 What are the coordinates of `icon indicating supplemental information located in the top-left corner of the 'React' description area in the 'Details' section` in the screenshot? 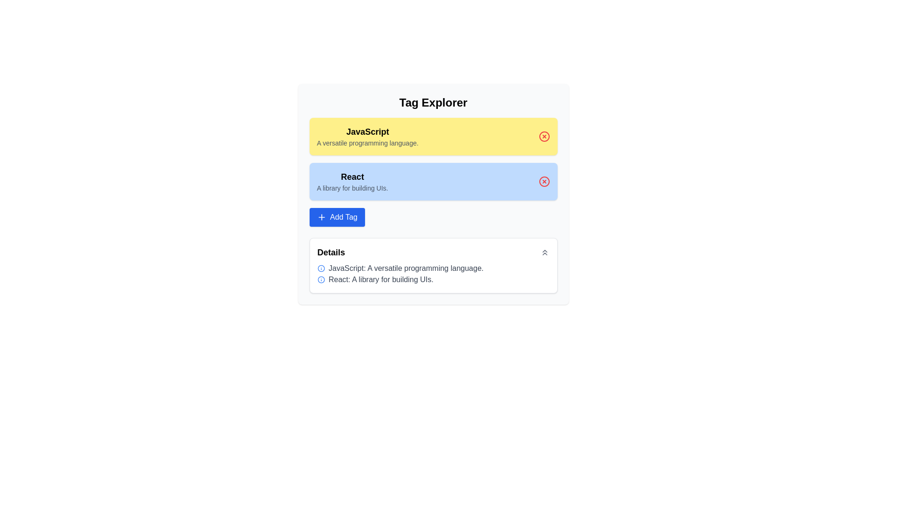 It's located at (321, 279).